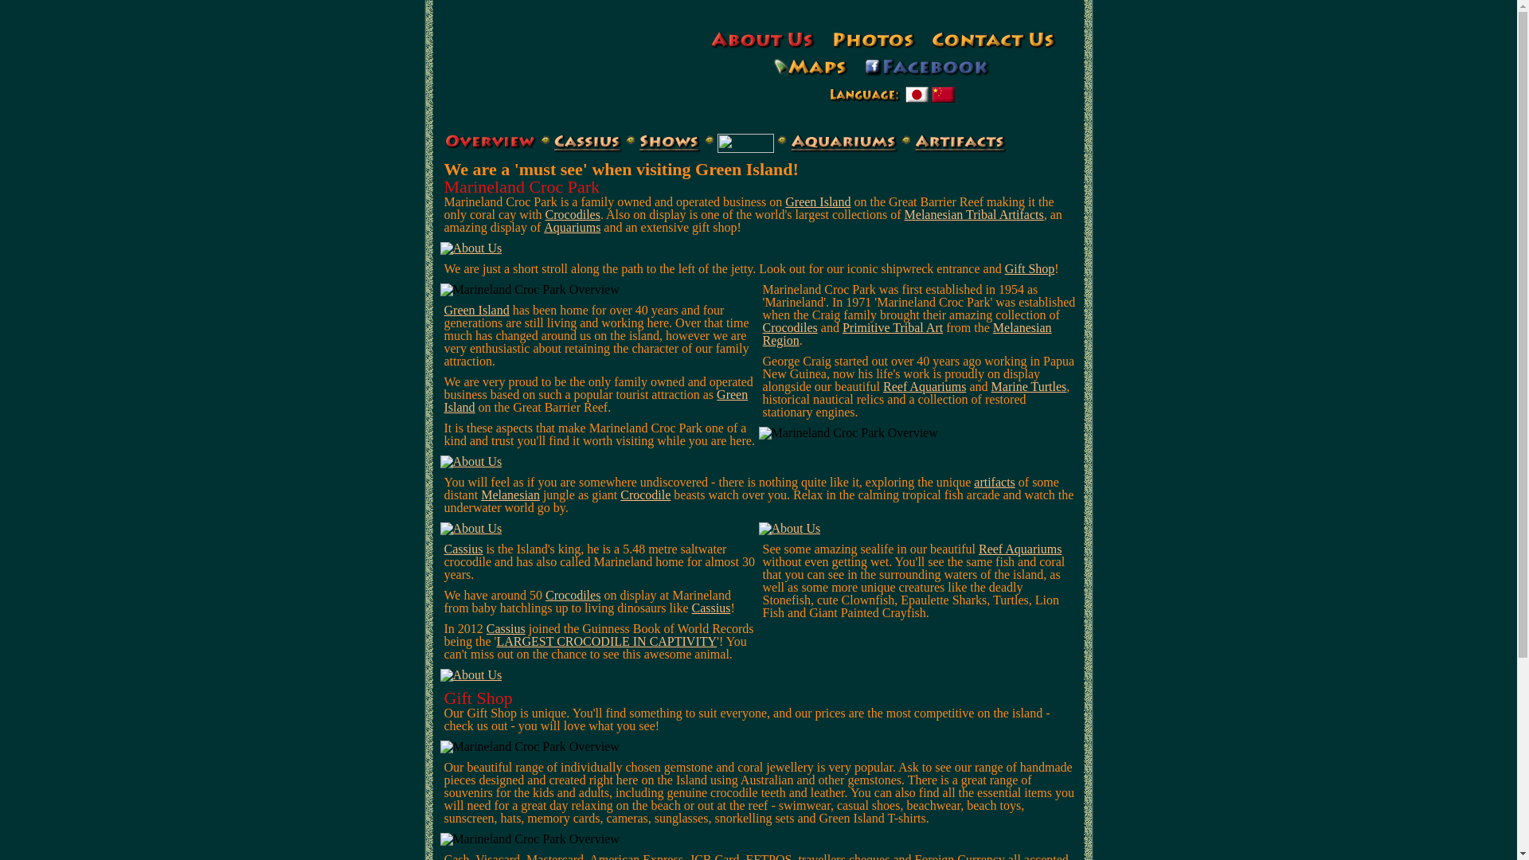 This screenshot has width=1529, height=860. Describe the element at coordinates (510, 494) in the screenshot. I see `'Melanesian'` at that location.